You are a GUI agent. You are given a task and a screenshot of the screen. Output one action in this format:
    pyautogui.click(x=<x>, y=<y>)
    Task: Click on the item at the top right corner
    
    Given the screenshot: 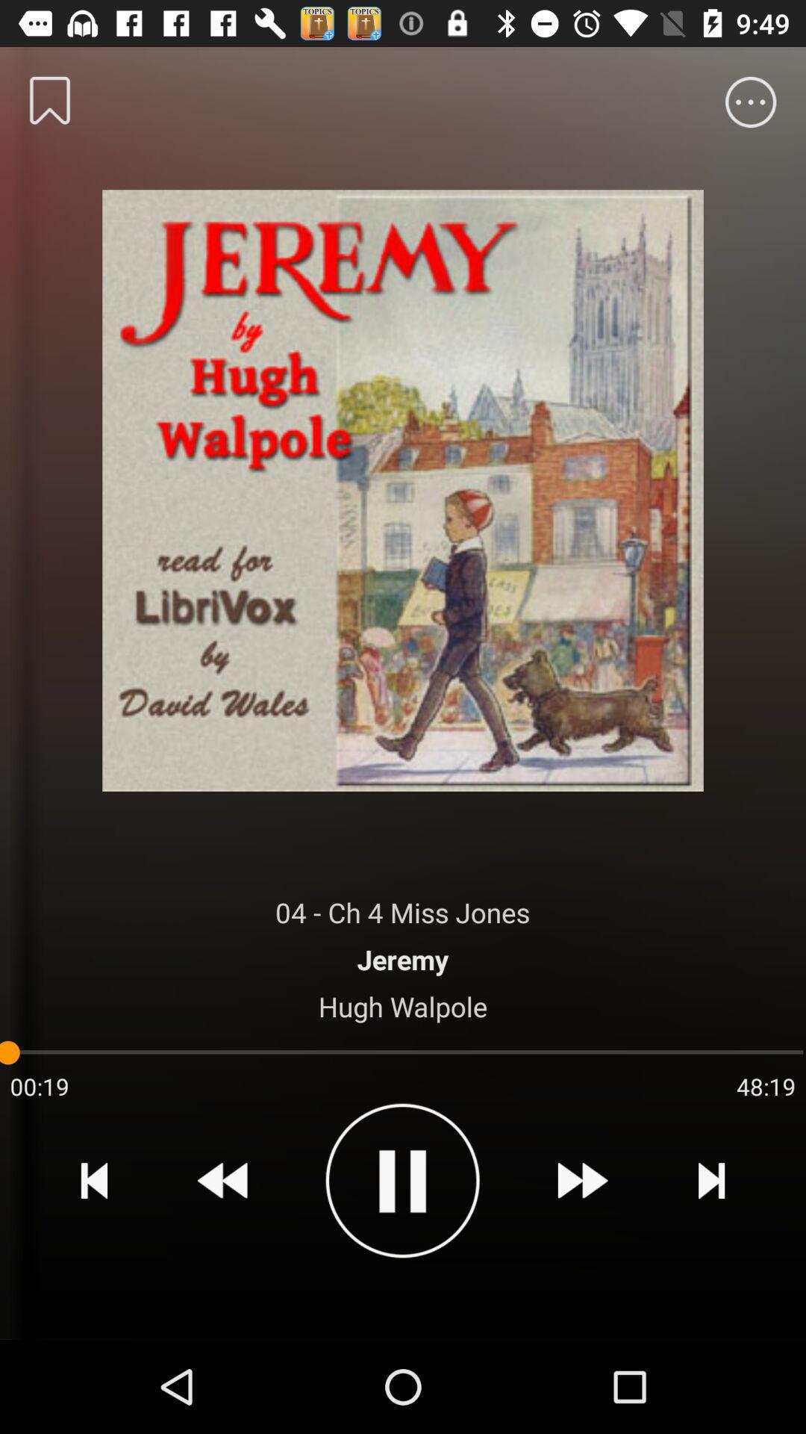 What is the action you would take?
    pyautogui.click(x=751, y=101)
    